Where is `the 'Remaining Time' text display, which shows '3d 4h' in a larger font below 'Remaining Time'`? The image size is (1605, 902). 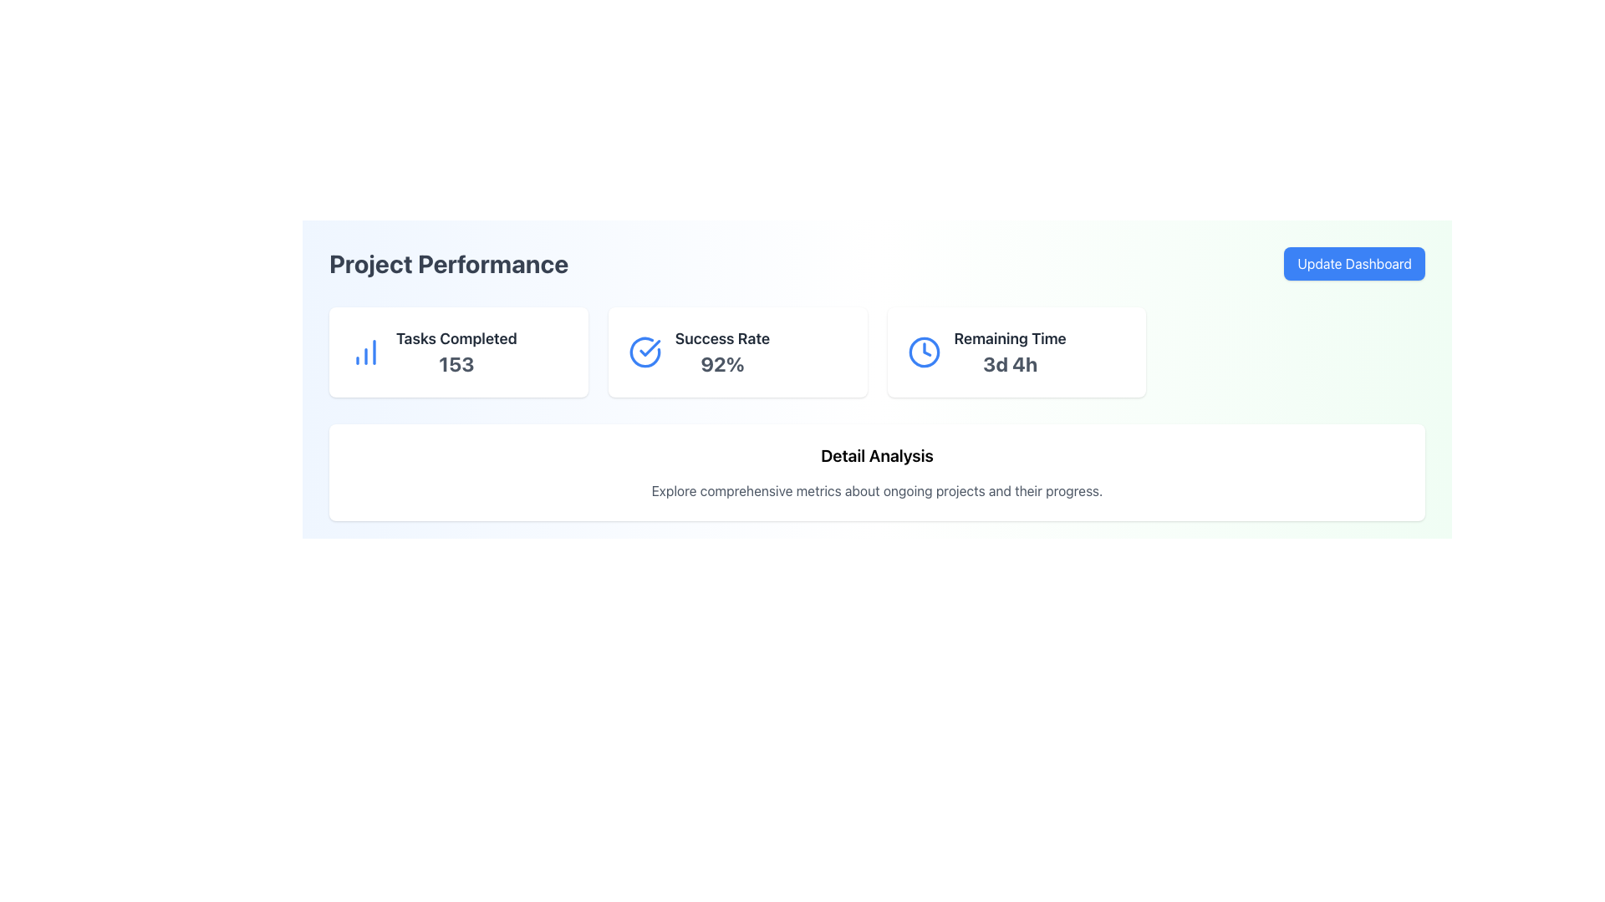
the 'Remaining Time' text display, which shows '3d 4h' in a larger font below 'Remaining Time' is located at coordinates (1009, 351).